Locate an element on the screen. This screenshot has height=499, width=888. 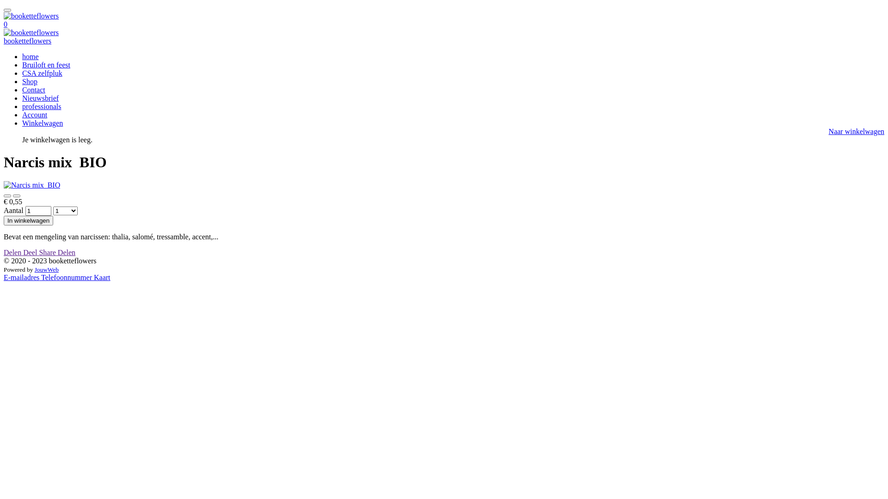
'booketteflowers' is located at coordinates (31, 16).